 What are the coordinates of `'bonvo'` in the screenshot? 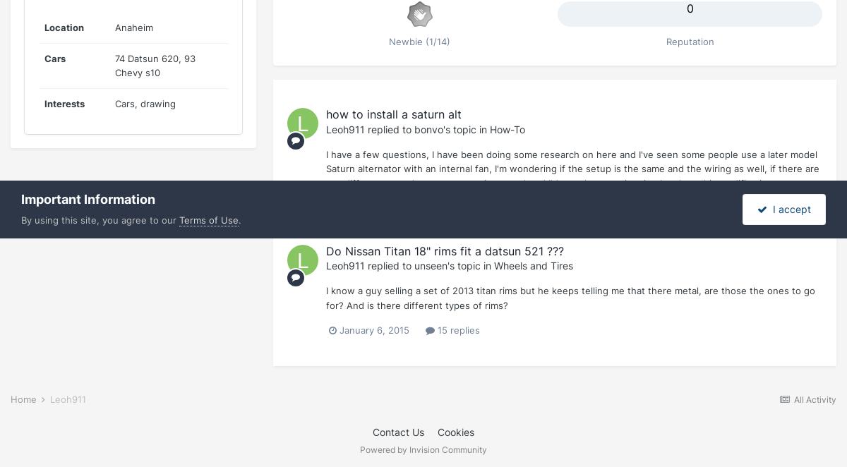 It's located at (428, 128).